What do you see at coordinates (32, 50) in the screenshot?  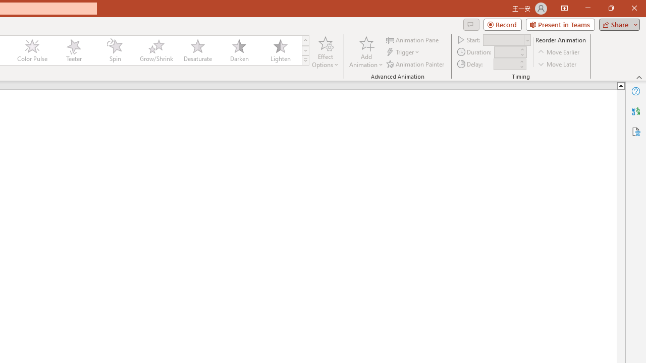 I see `'Color Pulse'` at bounding box center [32, 50].